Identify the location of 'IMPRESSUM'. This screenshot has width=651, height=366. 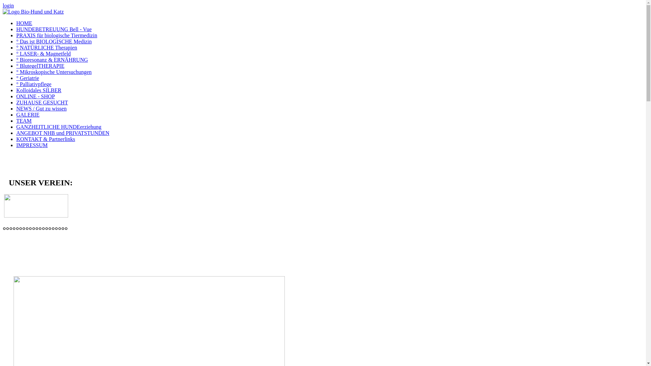
(16, 145).